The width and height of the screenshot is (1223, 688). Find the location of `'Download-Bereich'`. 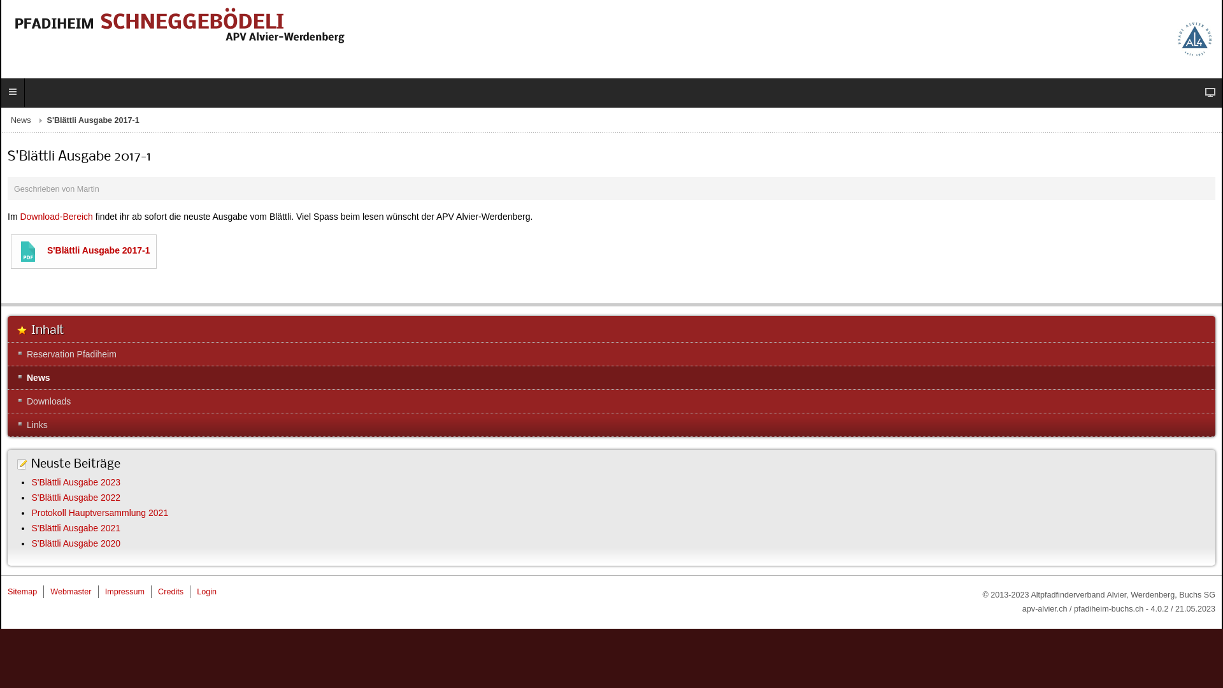

'Download-Bereich' is located at coordinates (55, 215).